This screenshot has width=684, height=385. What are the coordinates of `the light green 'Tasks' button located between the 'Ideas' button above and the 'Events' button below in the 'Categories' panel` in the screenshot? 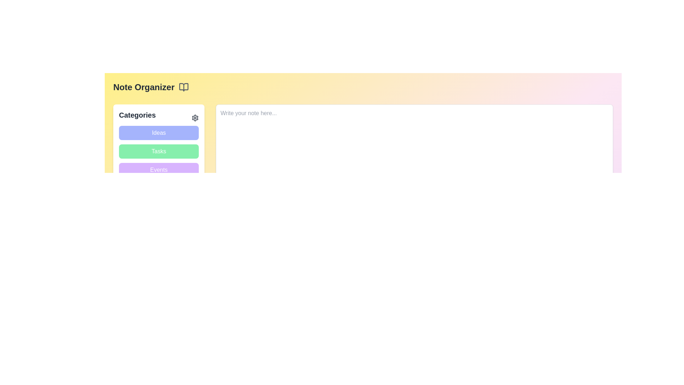 It's located at (159, 143).